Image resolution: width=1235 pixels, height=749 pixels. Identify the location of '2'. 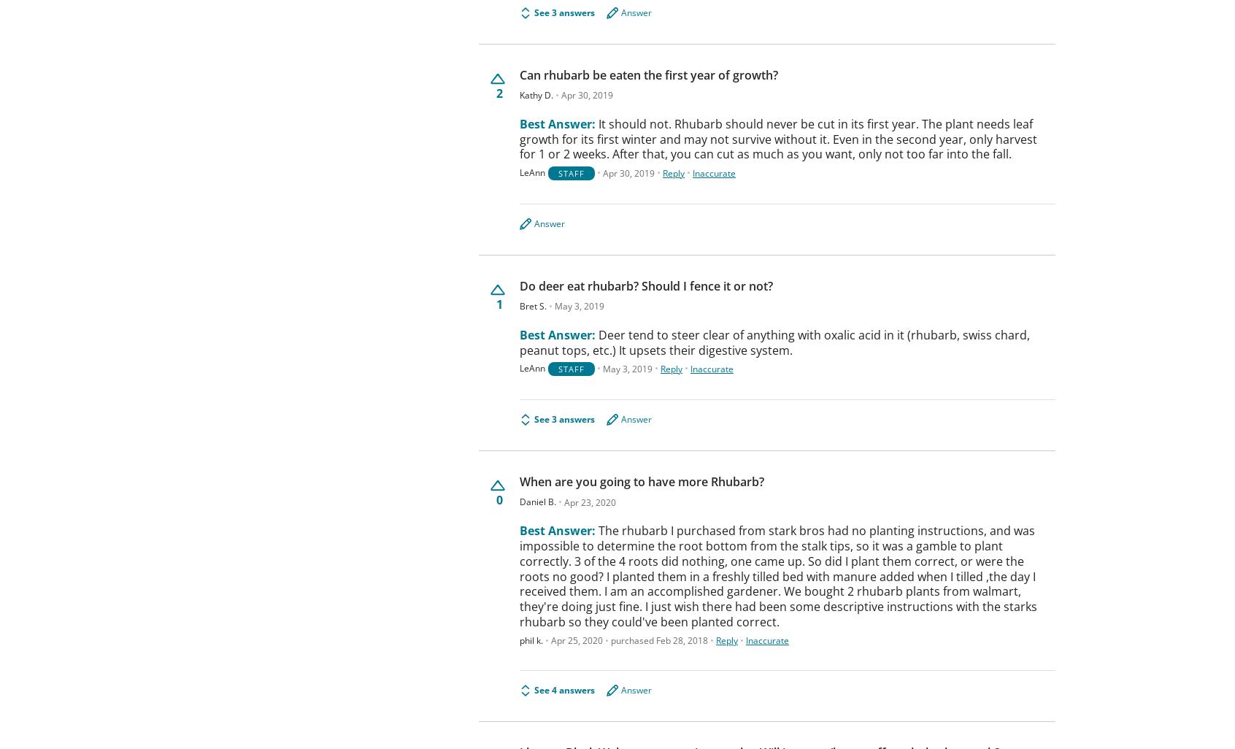
(499, 93).